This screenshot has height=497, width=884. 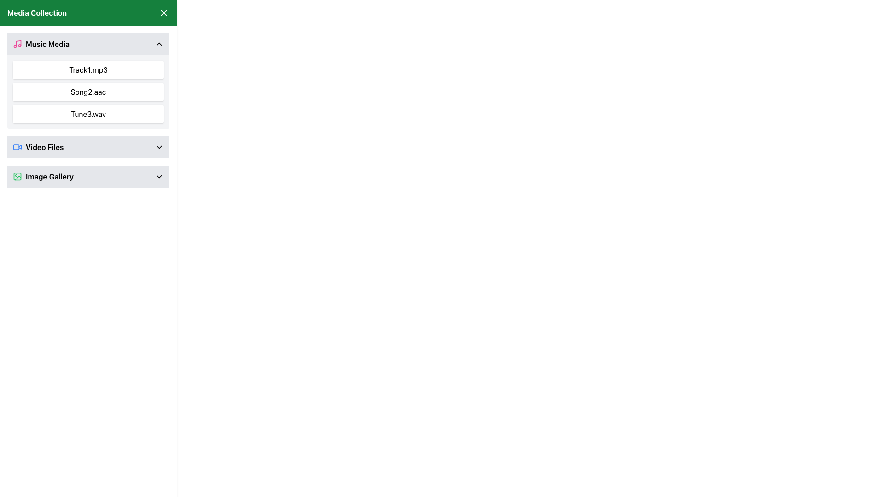 What do you see at coordinates (49, 177) in the screenshot?
I see `text label for the 'Image Gallery' section, which is the third item in the 'Media Collection' panel, located to the right of an image icon` at bounding box center [49, 177].